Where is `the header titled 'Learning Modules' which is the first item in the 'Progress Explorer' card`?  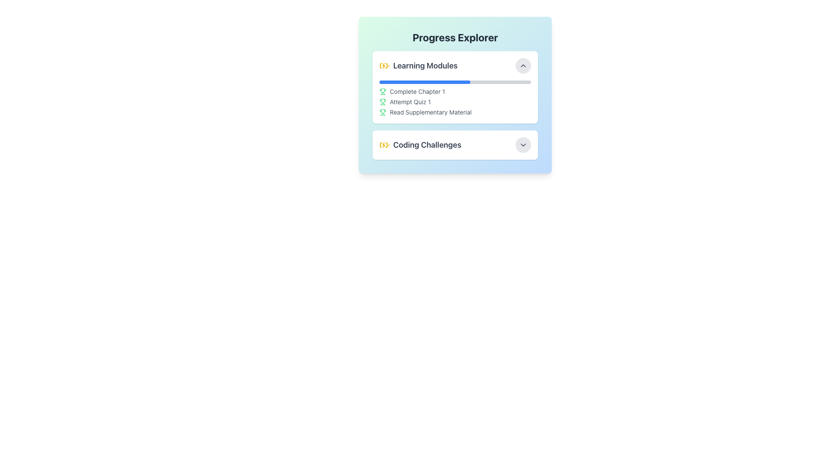 the header titled 'Learning Modules' which is the first item in the 'Progress Explorer' card is located at coordinates (454, 65).